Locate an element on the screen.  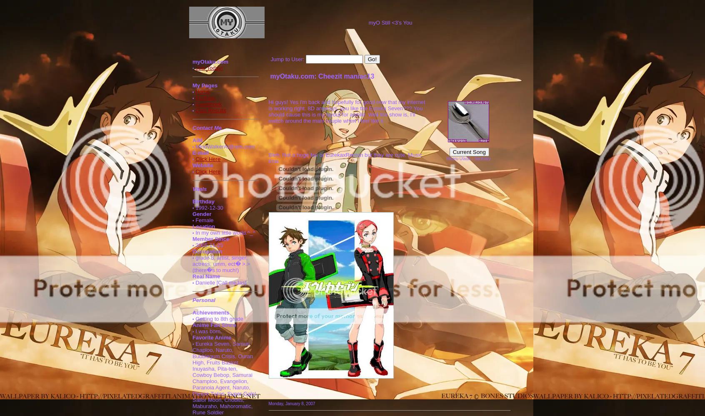
'Member Since' is located at coordinates (211, 238).